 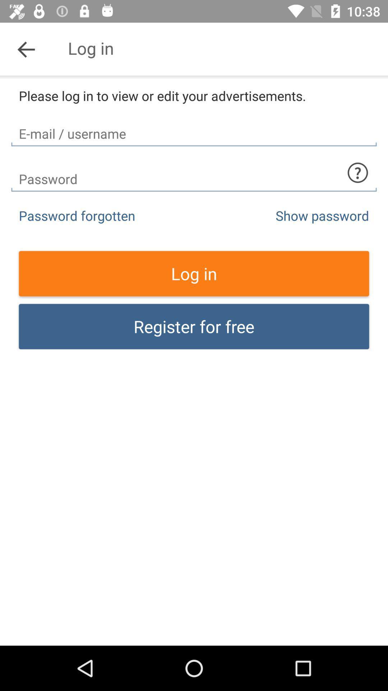 I want to click on the item to the left of the log in, so click(x=26, y=49).